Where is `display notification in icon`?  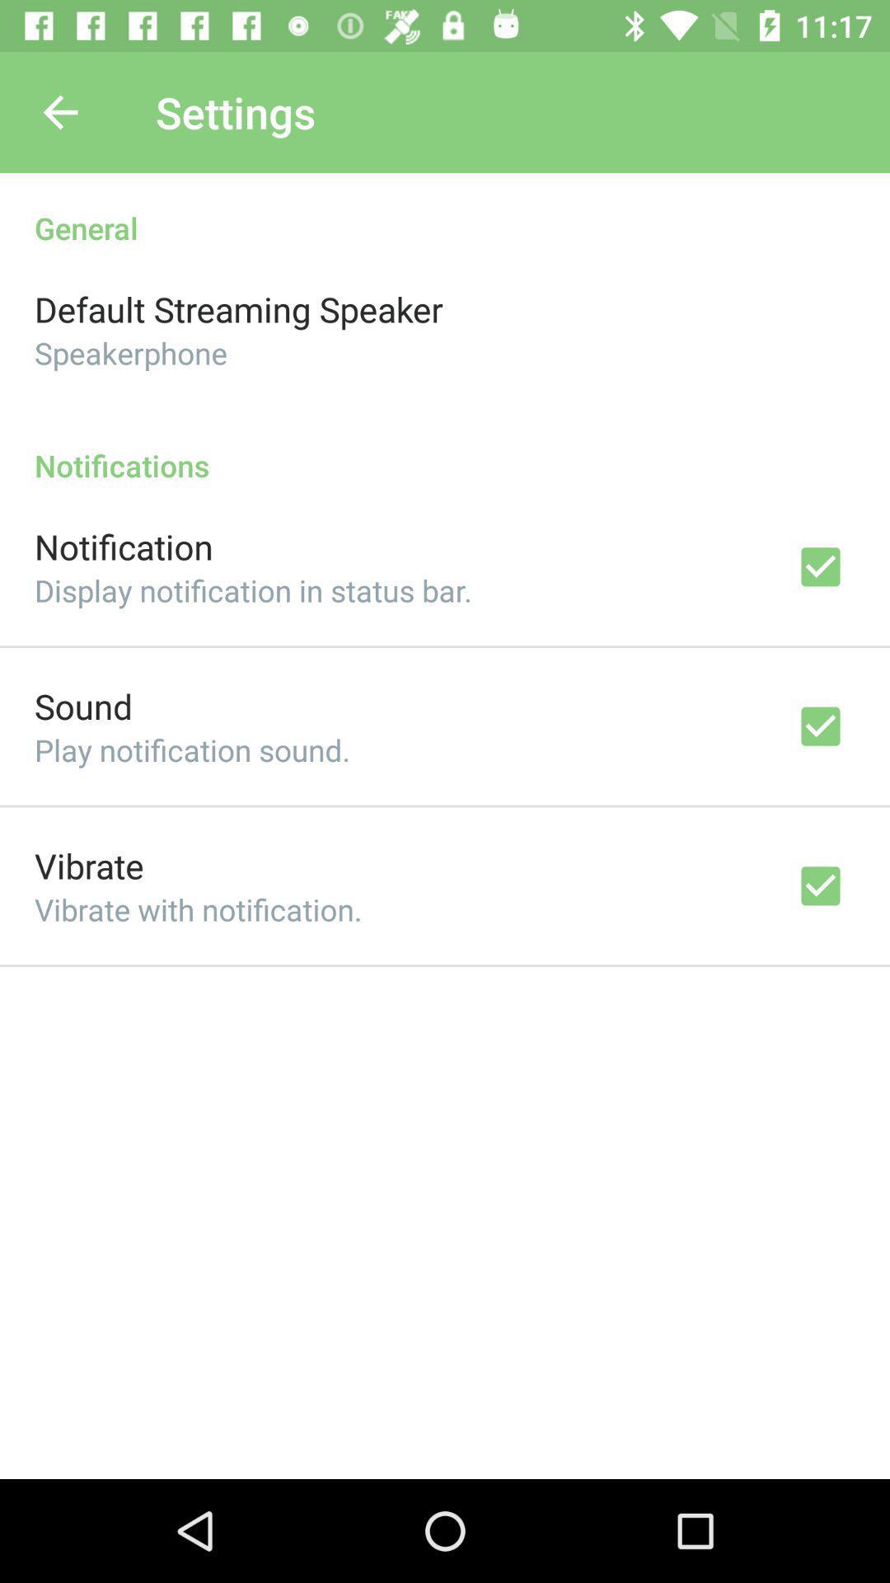 display notification in icon is located at coordinates (253, 590).